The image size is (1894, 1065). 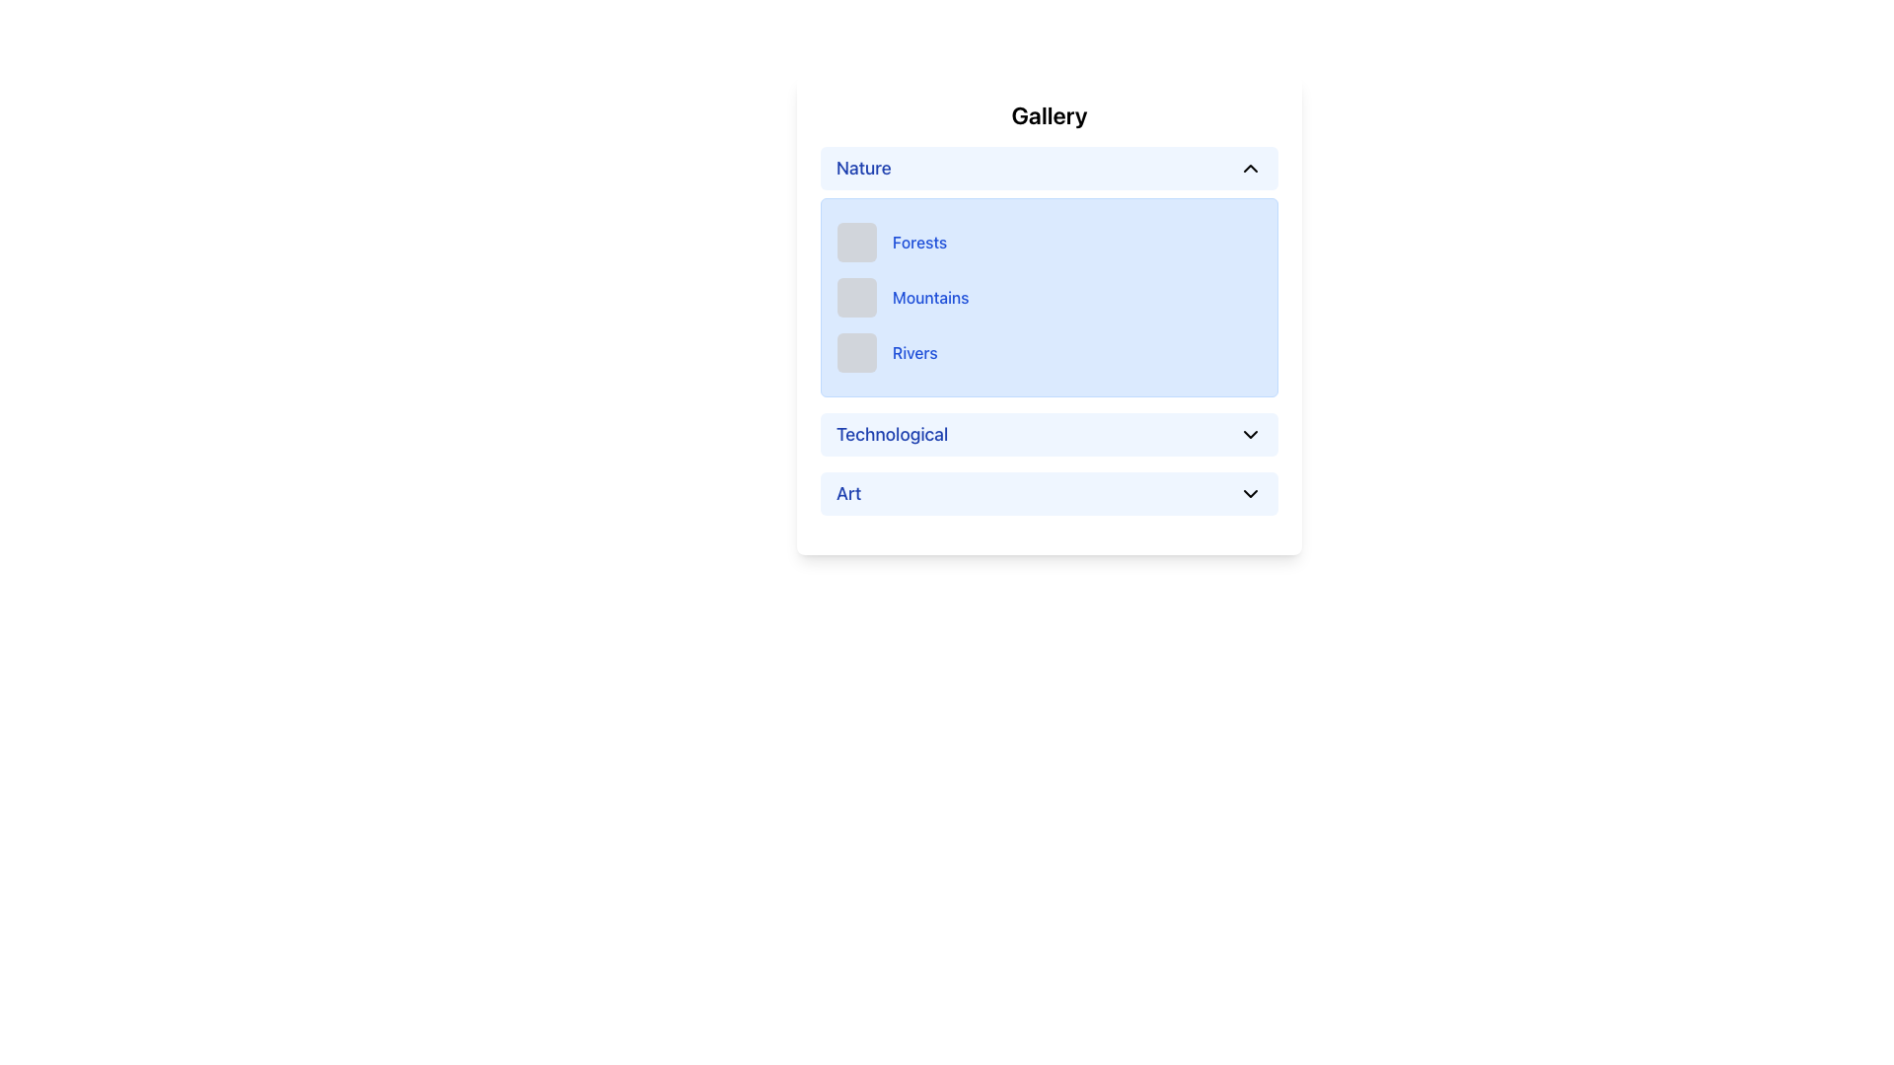 I want to click on the Dropdown menu toggle labeled 'Art', so click(x=1049, y=493).